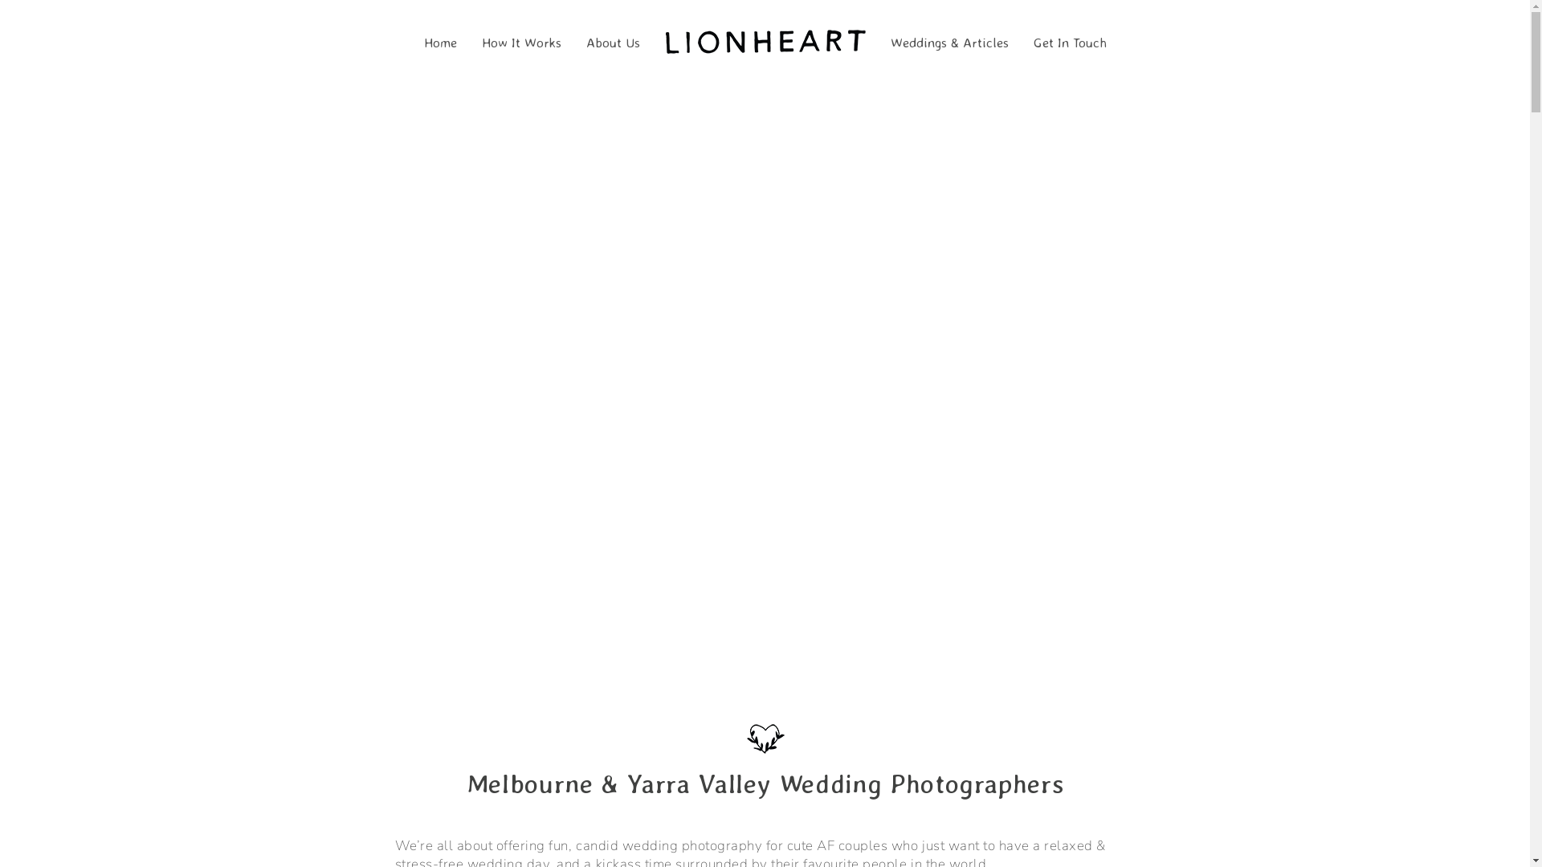 The image size is (1542, 867). I want to click on 'About Us', so click(612, 39).